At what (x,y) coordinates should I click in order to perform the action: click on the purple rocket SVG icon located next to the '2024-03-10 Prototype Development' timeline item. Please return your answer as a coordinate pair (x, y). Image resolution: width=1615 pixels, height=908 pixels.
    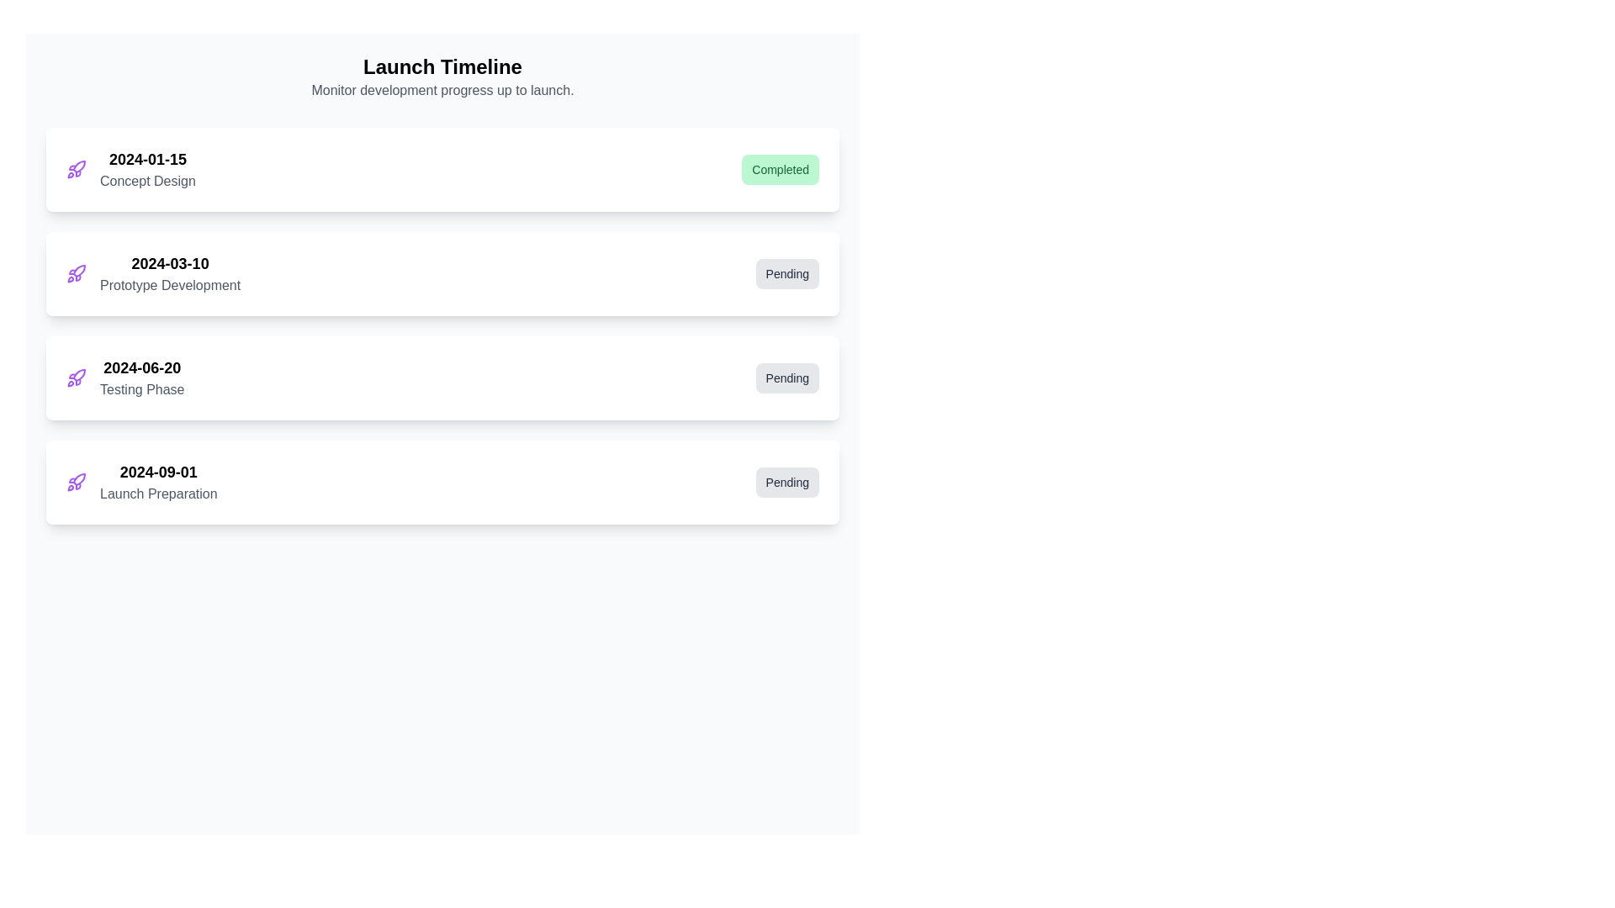
    Looking at the image, I should click on (76, 273).